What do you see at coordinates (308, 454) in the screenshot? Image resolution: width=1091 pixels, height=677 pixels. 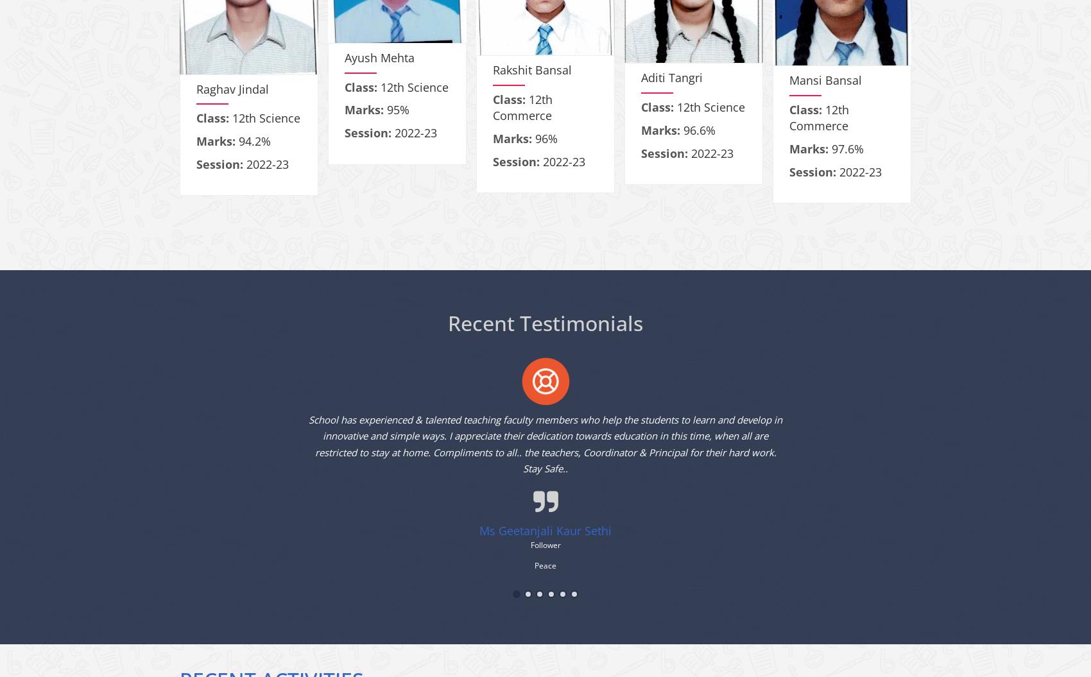 I see `'School has experienced & talented teaching faculty members who help the students to learn and develop in innovative and simple ways. I appreciate their dedication towards education in this time, when all are restricted to stay at home. Compliments to all.. the teachers, Coordinator & Principal for their hard work. Stay Safe..'` at bounding box center [308, 454].